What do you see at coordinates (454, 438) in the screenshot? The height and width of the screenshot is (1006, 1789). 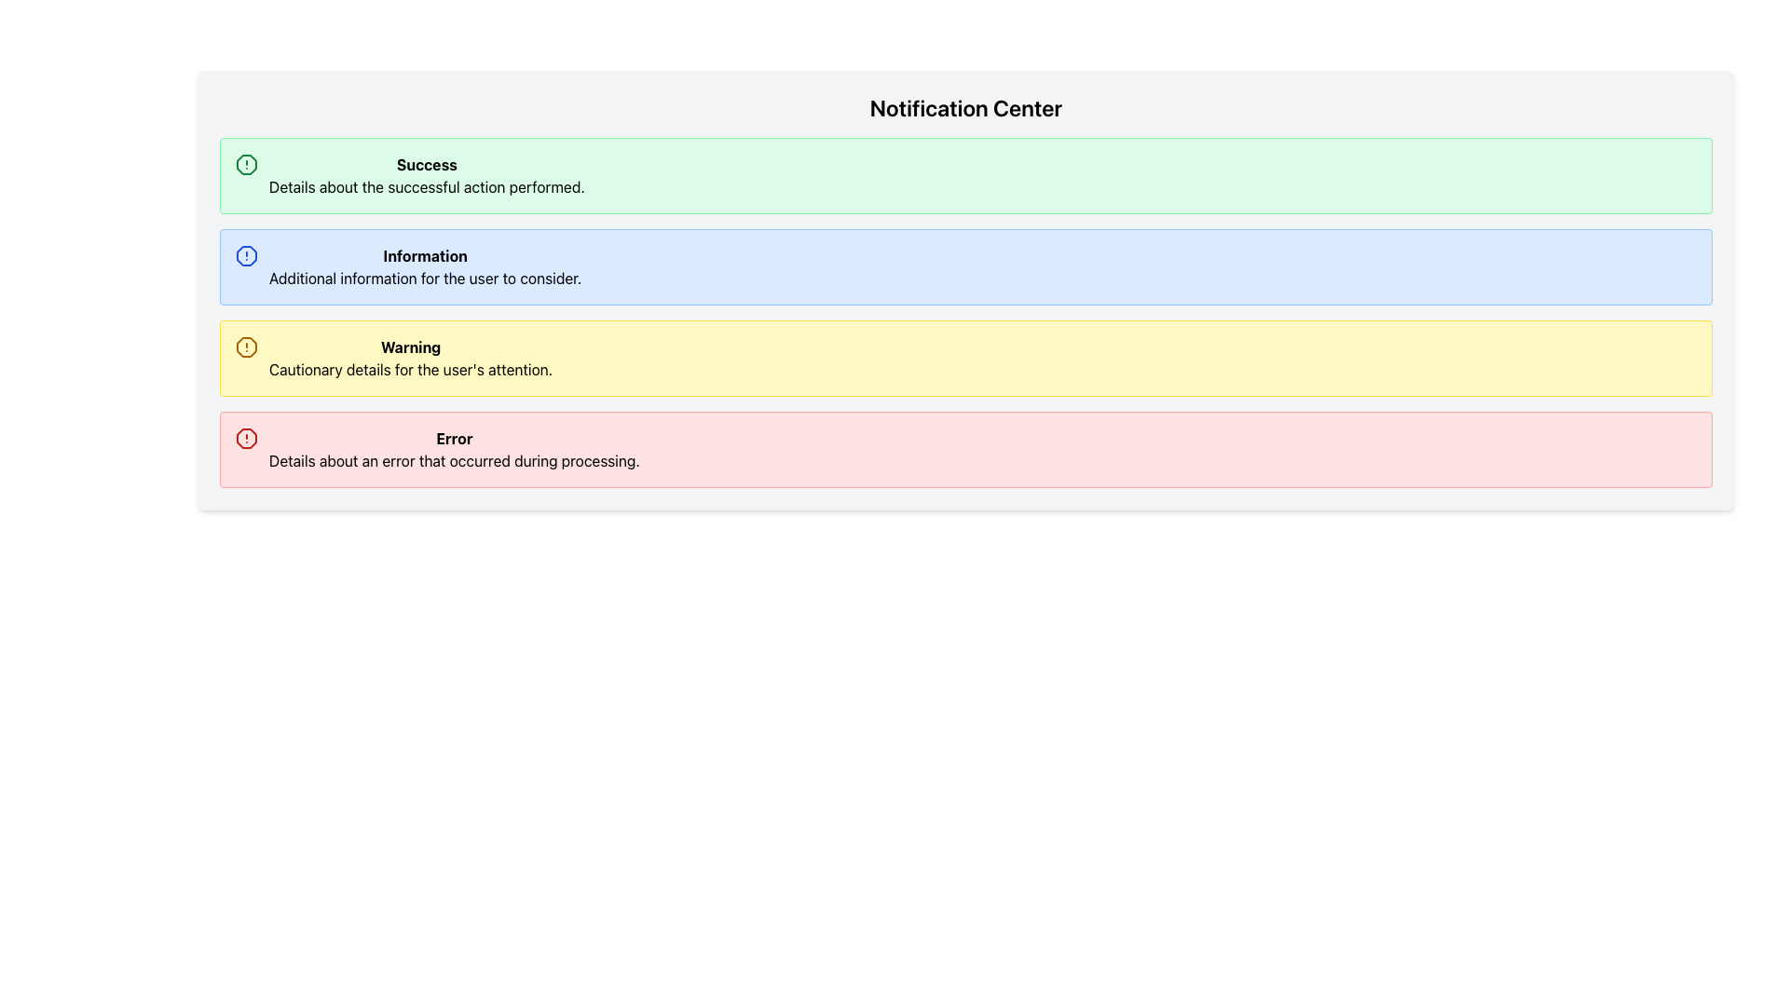 I see `the bold title text label located in the pink-colored notification box labeled 'Error', which serves as a high-priority notification summary` at bounding box center [454, 438].